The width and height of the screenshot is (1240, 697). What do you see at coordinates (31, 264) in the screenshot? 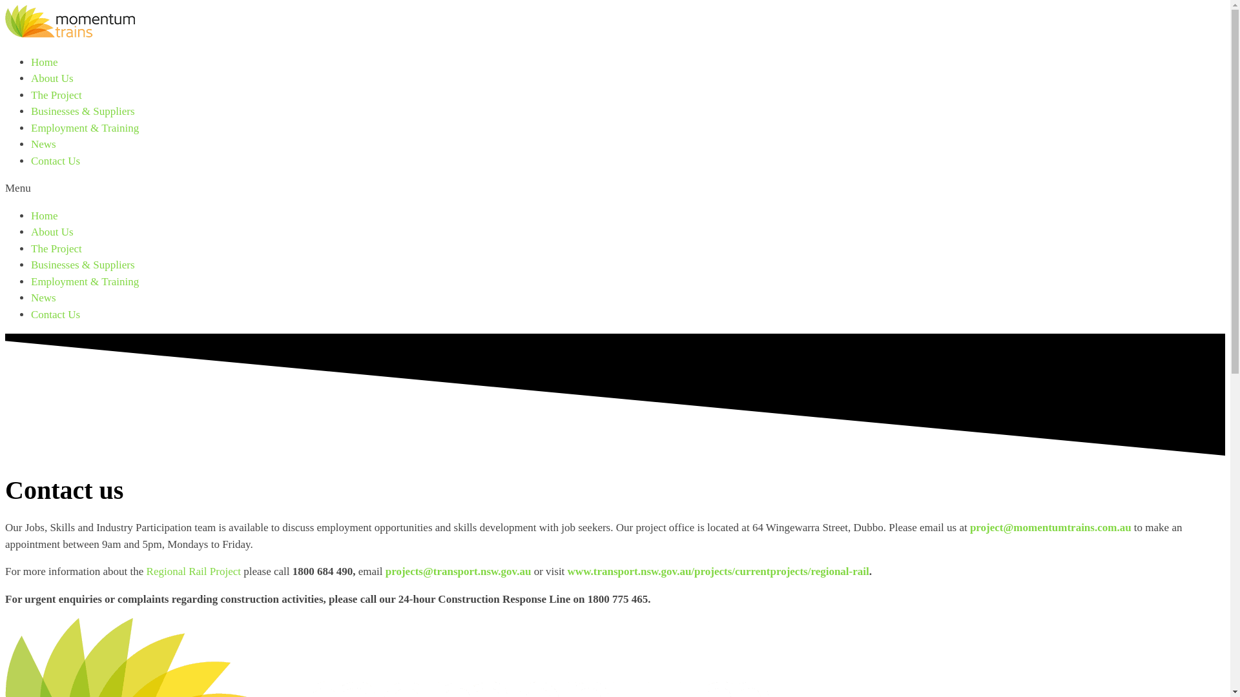
I see `'Businesses & Suppliers'` at bounding box center [31, 264].